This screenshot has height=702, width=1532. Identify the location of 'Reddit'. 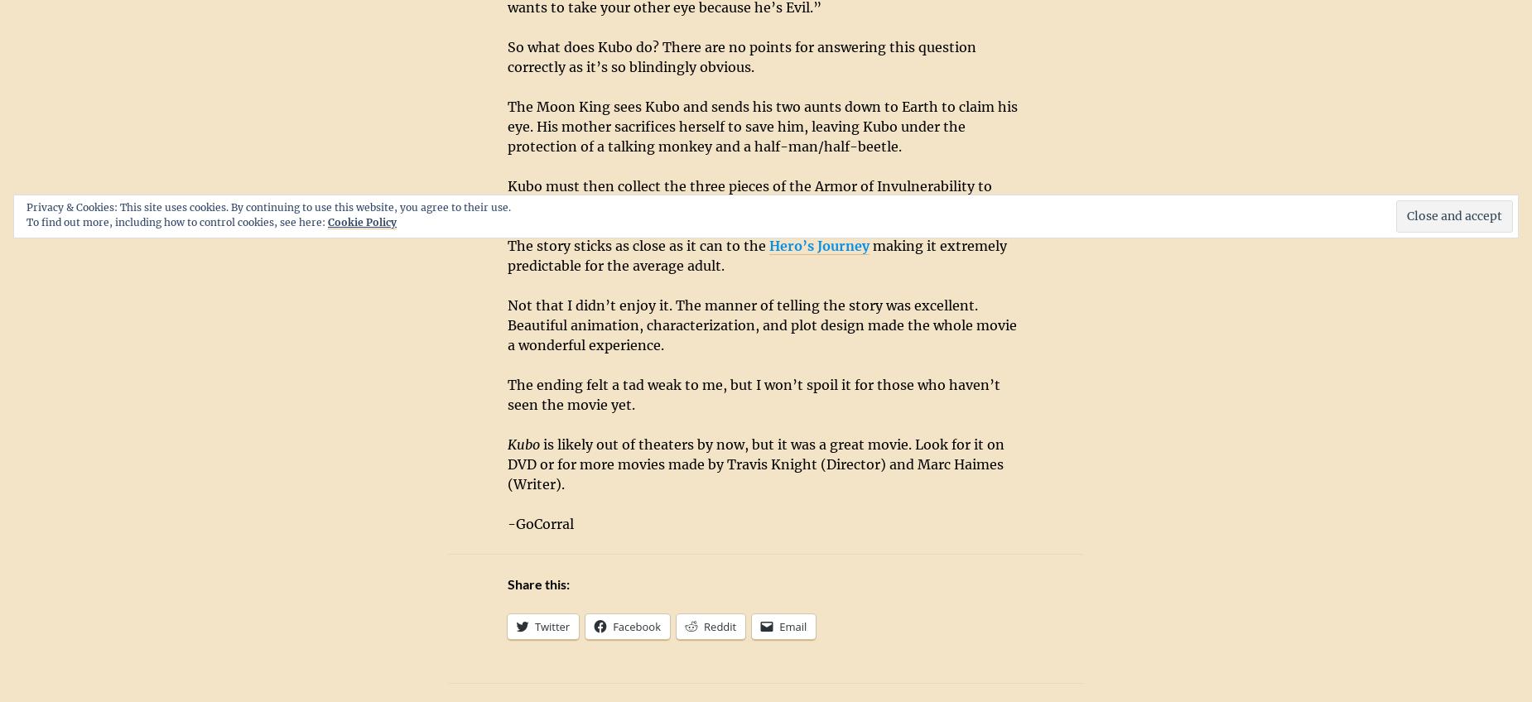
(704, 626).